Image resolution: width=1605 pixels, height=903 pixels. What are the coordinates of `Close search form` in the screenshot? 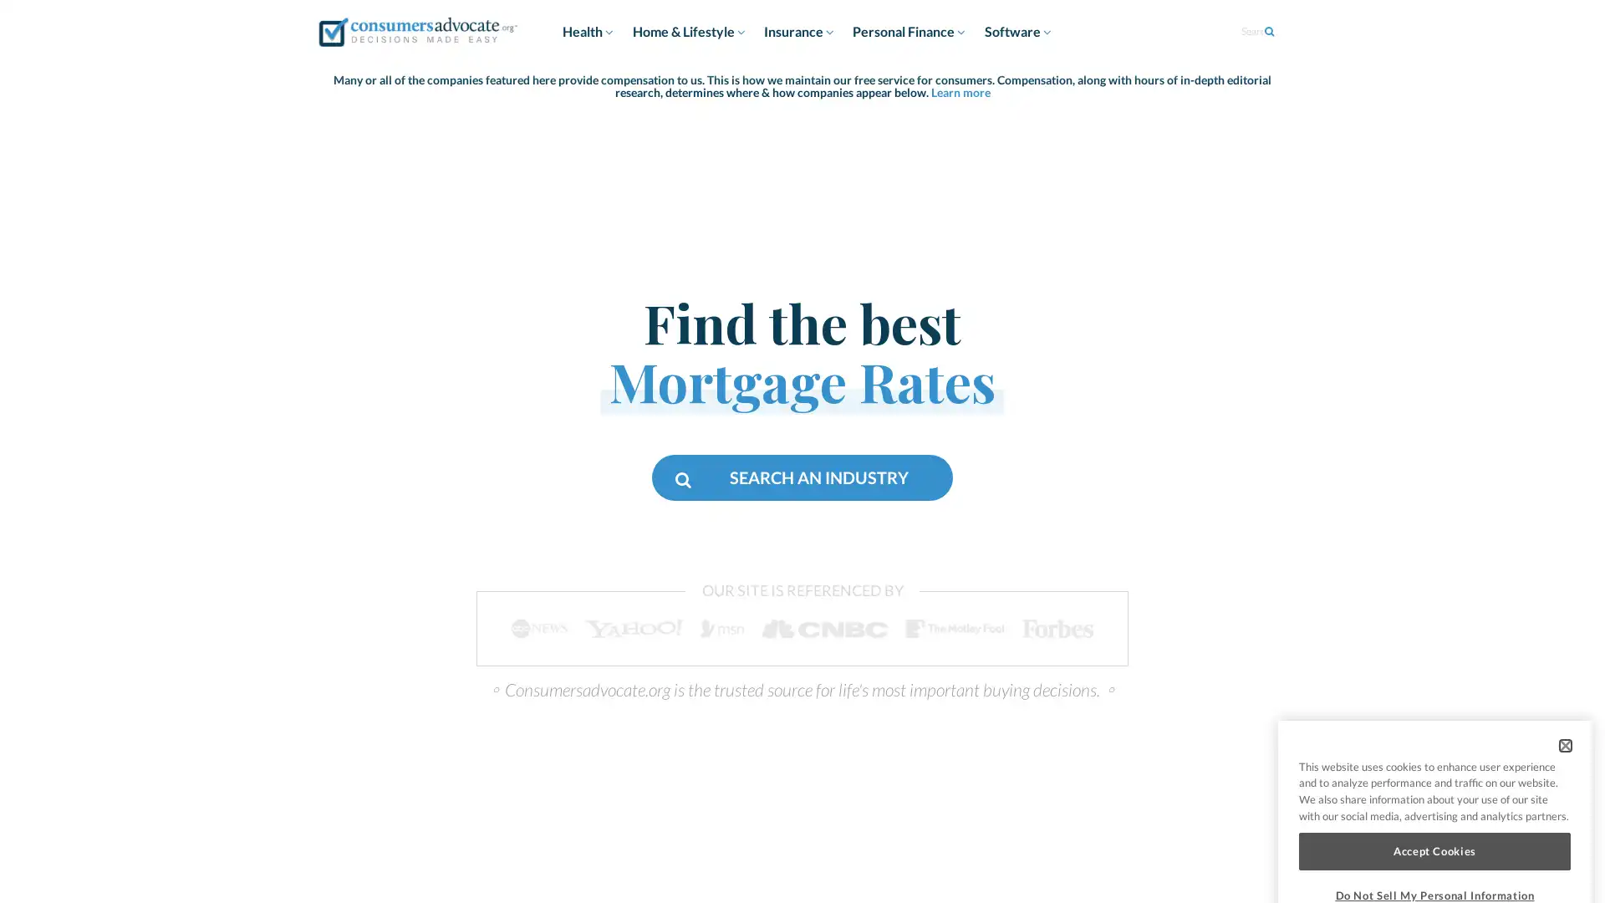 It's located at (1548, 56).